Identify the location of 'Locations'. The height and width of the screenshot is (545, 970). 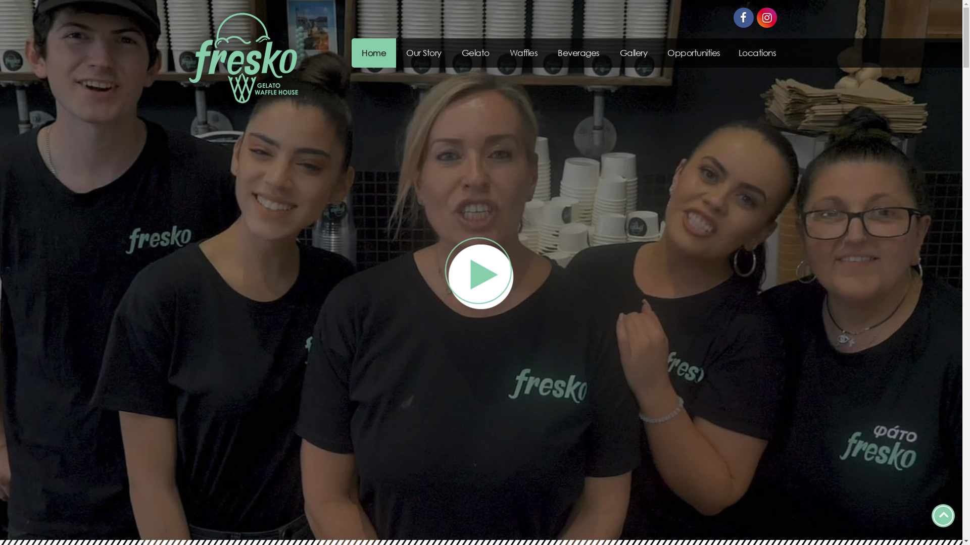
(757, 52).